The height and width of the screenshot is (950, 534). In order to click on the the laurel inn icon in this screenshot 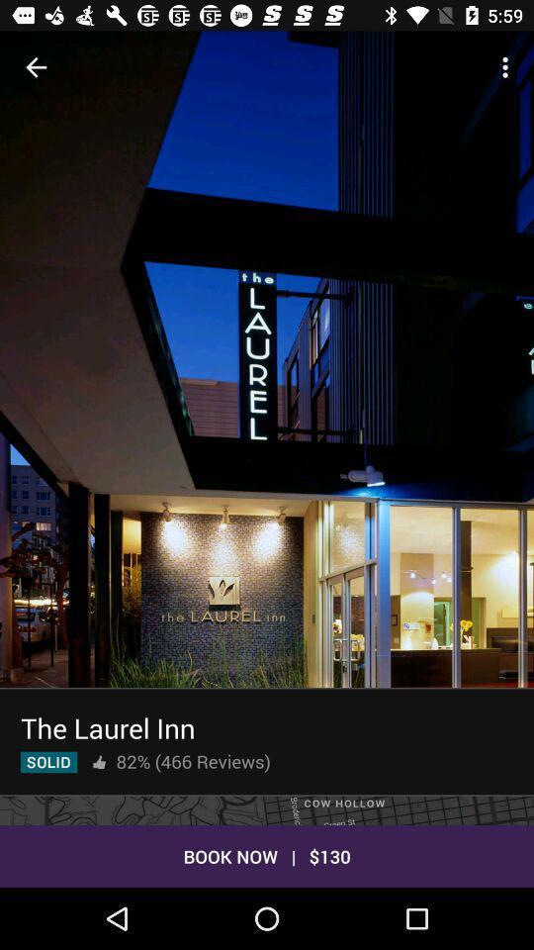, I will do `click(108, 726)`.